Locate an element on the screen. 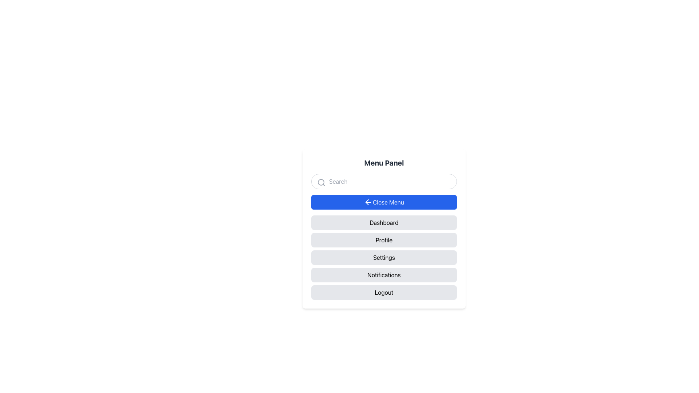 The height and width of the screenshot is (393, 699). the rounded search bar input field located below the 'Menu Panel' title is located at coordinates (384, 181).